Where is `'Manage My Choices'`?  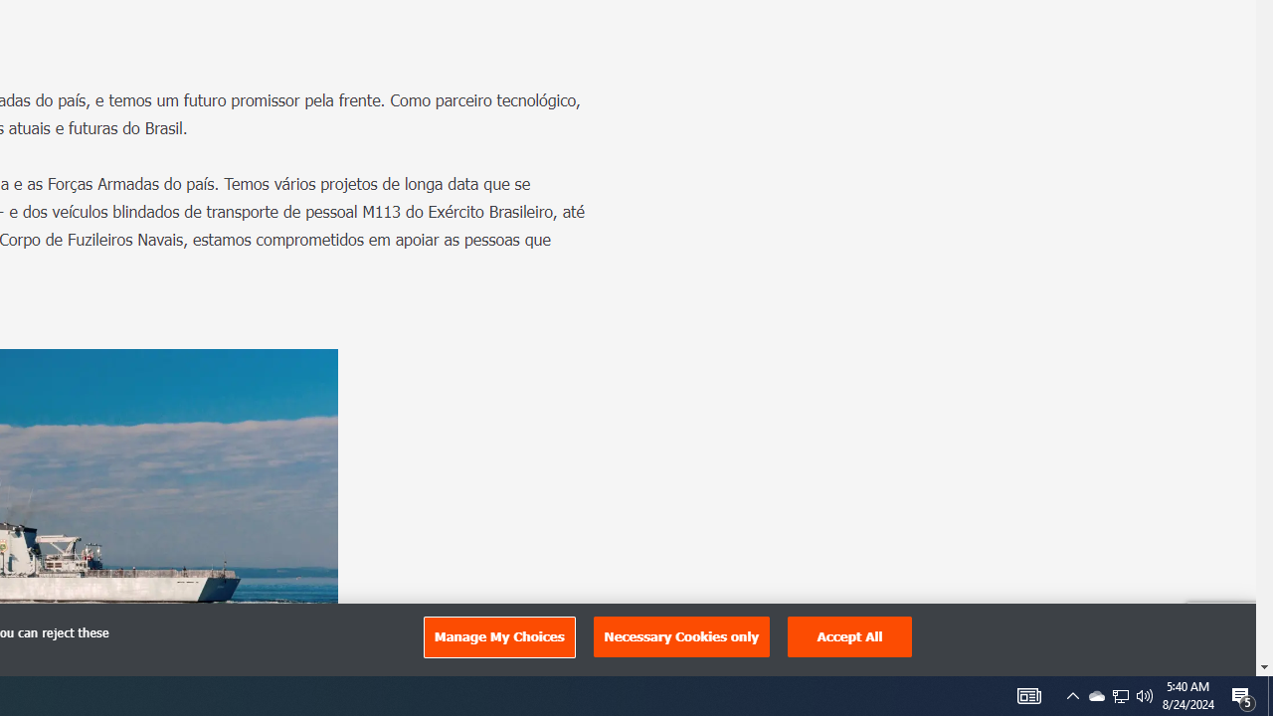 'Manage My Choices' is located at coordinates (498, 636).